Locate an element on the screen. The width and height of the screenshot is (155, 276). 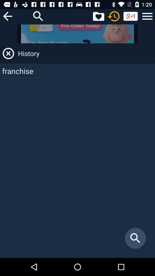
item next to the history icon is located at coordinates (8, 53).